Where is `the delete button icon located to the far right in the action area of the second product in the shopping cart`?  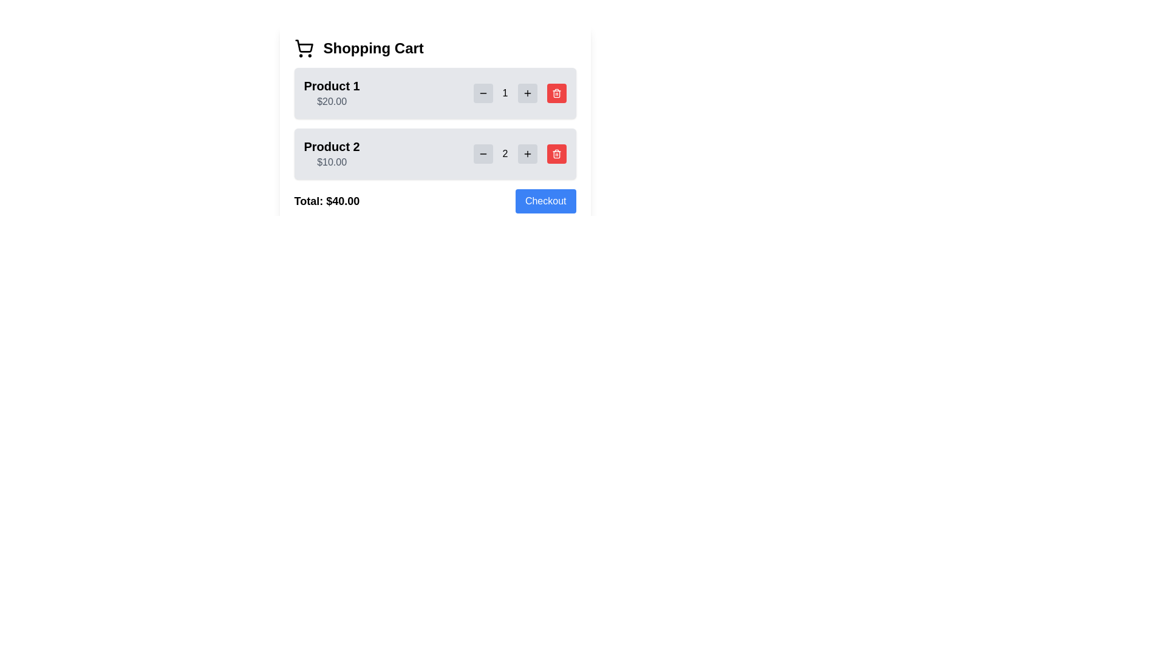
the delete button icon located to the far right in the action area of the second product in the shopping cart is located at coordinates (556, 153).